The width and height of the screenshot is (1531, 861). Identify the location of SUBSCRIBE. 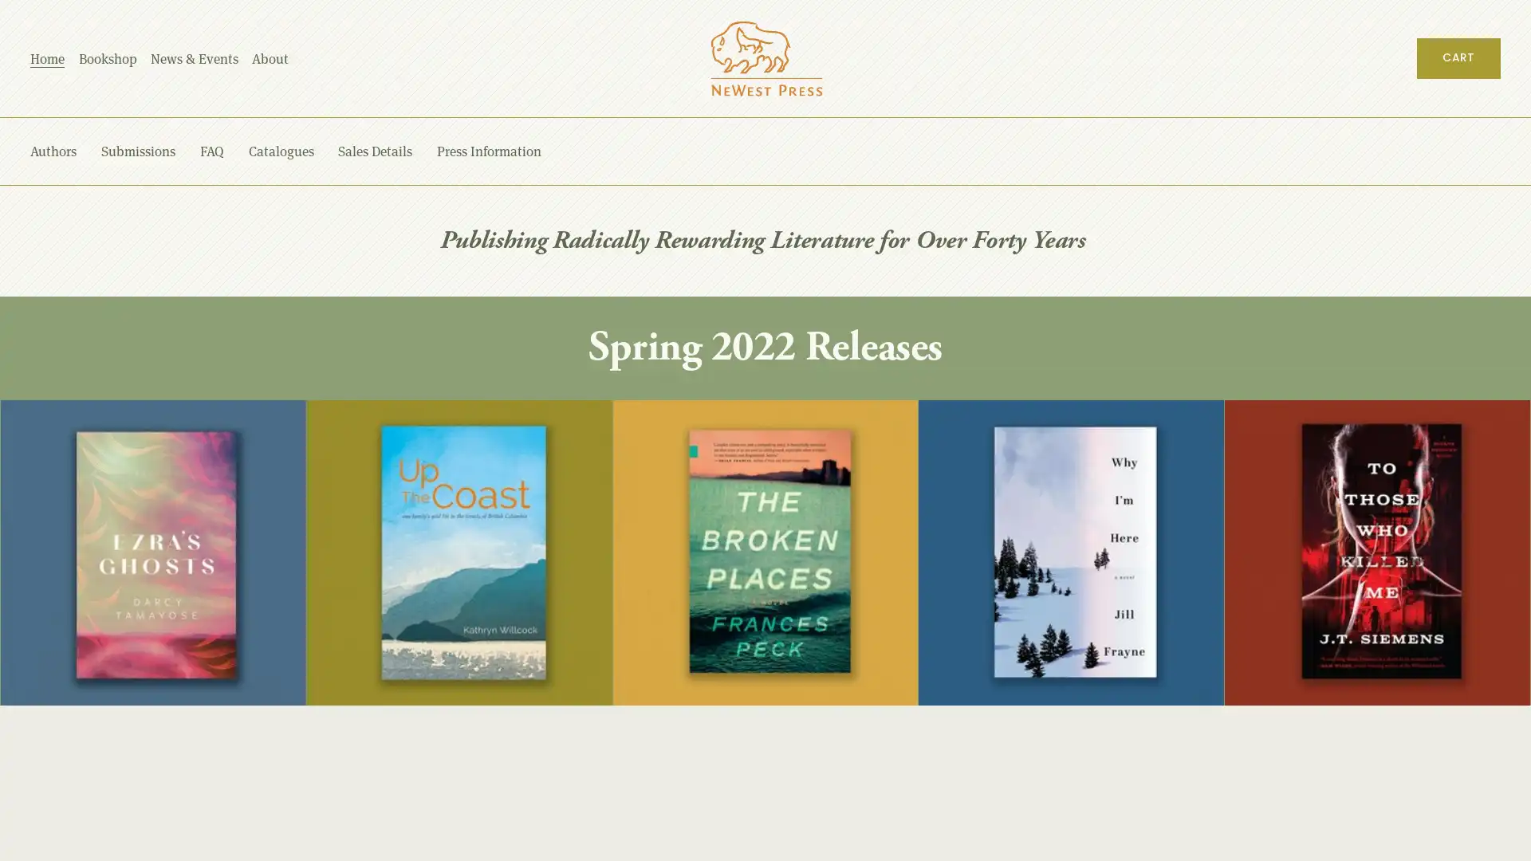
(1348, 694).